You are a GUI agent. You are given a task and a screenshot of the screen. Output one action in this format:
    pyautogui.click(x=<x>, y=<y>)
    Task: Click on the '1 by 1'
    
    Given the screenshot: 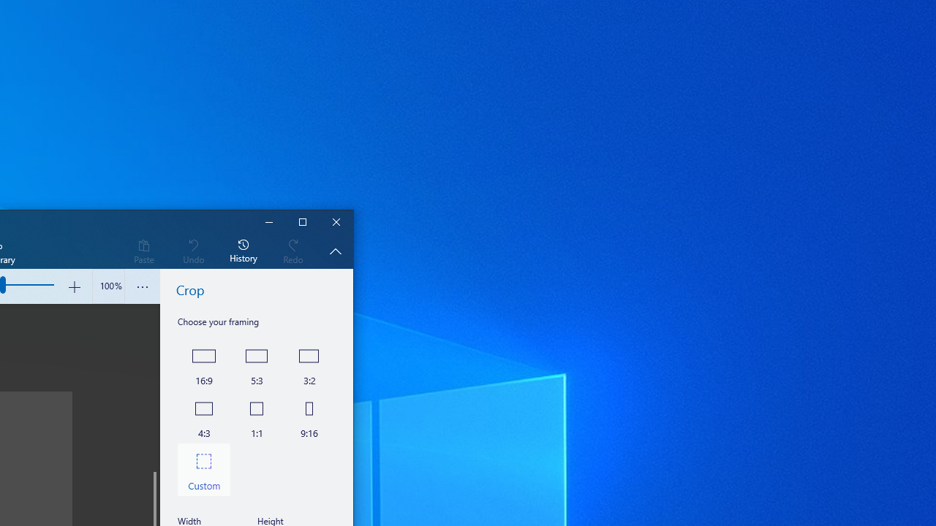 What is the action you would take?
    pyautogui.click(x=256, y=416)
    